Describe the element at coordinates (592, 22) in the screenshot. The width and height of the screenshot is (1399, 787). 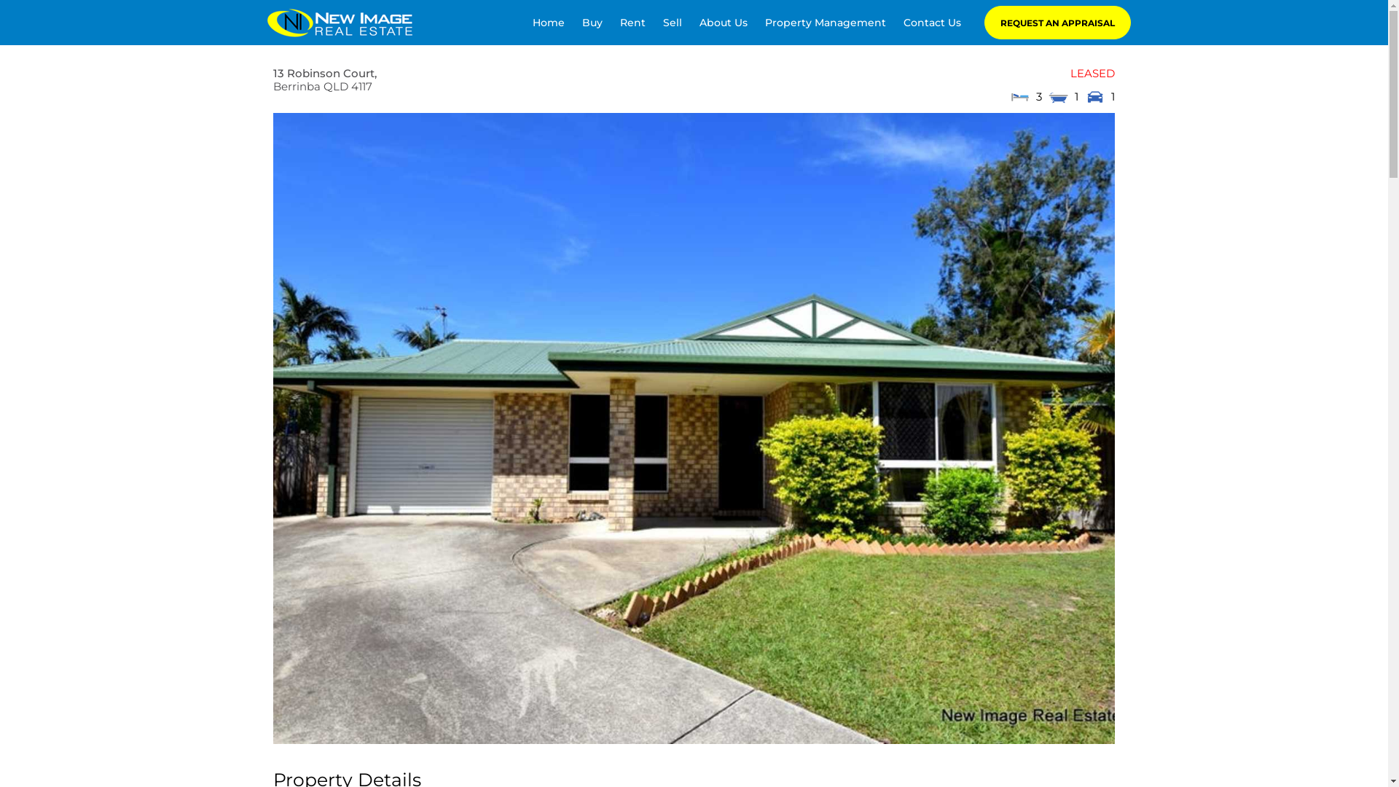
I see `'Buy'` at that location.